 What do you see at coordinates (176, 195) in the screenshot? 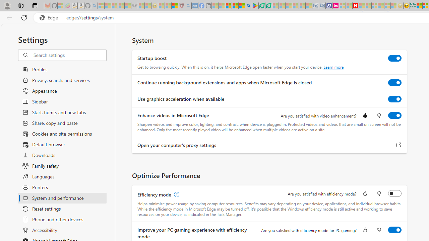
I see `'Efficiency mode, learn more'` at bounding box center [176, 195].